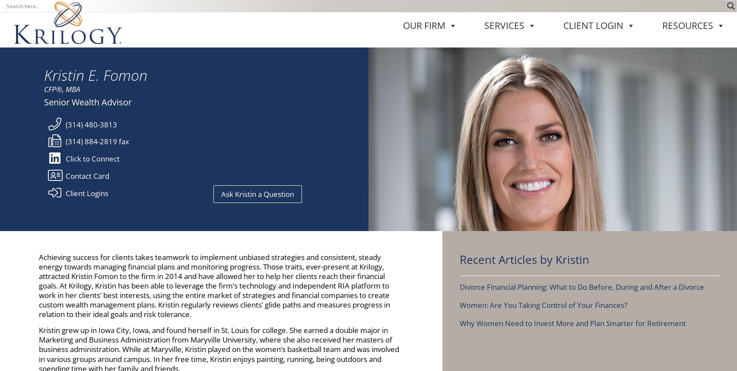 Image resolution: width=737 pixels, height=371 pixels. I want to click on 'Recent Articles by Kristin', so click(524, 31).